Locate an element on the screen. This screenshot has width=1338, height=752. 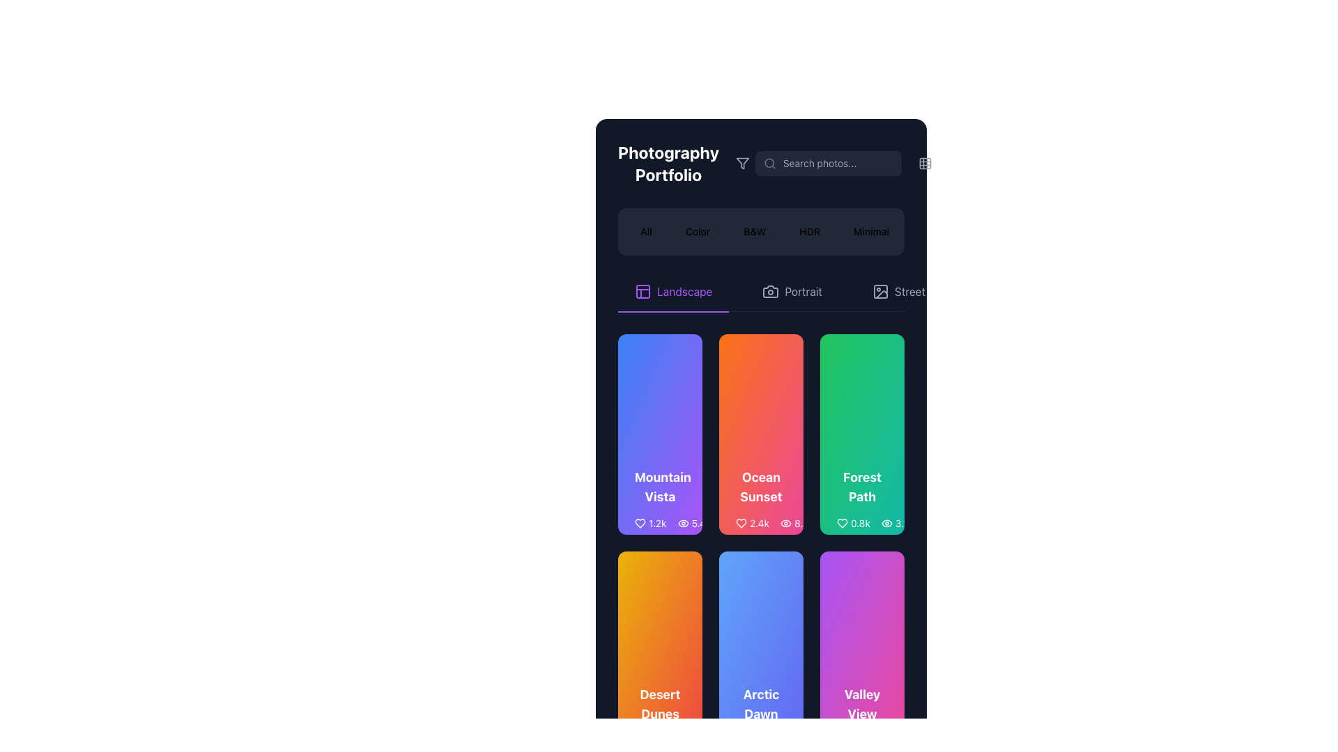
the text label at the bottom of the card titled 'Arctic Dawn', which is located in the second row and second column of a grid layout, displayed on a blue gradient background is located at coordinates (760, 704).